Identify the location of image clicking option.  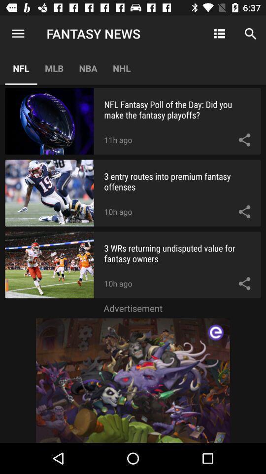
(133, 380).